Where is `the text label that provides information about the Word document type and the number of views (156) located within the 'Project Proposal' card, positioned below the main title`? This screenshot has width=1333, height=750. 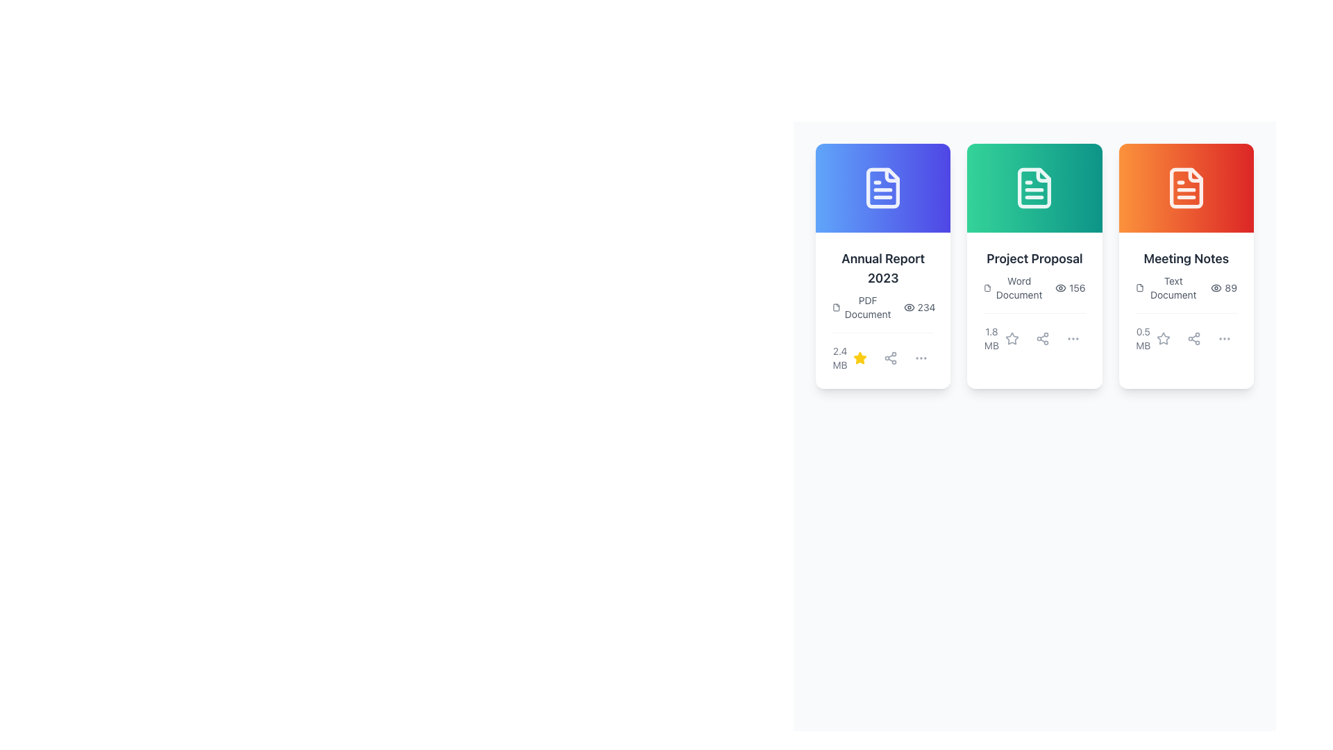
the text label that provides information about the Word document type and the number of views (156) located within the 'Project Proposal' card, positioned below the main title is located at coordinates (1034, 287).